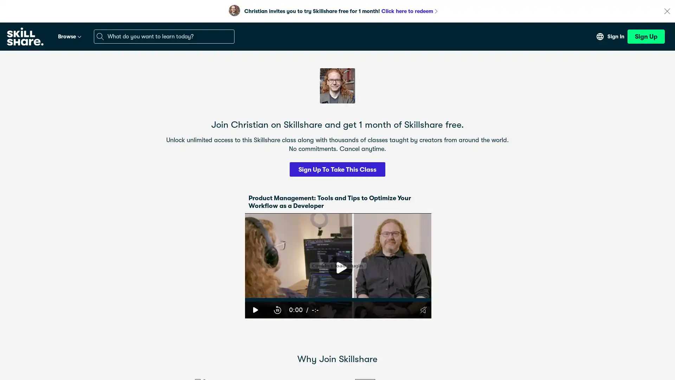 This screenshot has width=675, height=380. What do you see at coordinates (340, 267) in the screenshot?
I see `Play Video` at bounding box center [340, 267].